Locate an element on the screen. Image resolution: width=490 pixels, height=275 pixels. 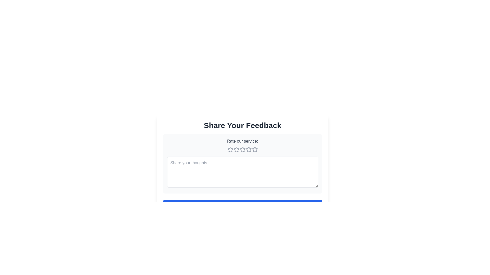
the fourth star icon in the rating section below the heading 'Rate our service:' to assign a rating is located at coordinates (249, 149).